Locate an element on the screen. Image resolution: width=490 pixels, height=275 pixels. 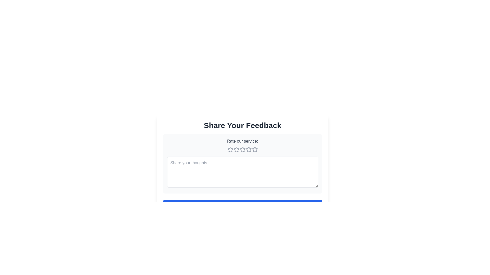
the fourth star icon in the rating section below the heading 'Rate our service:' to assign a rating is located at coordinates (249, 149).